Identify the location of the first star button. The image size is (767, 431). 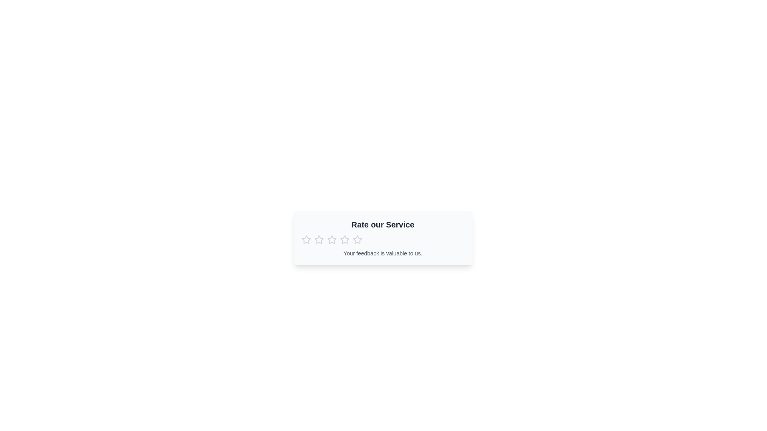
(306, 239).